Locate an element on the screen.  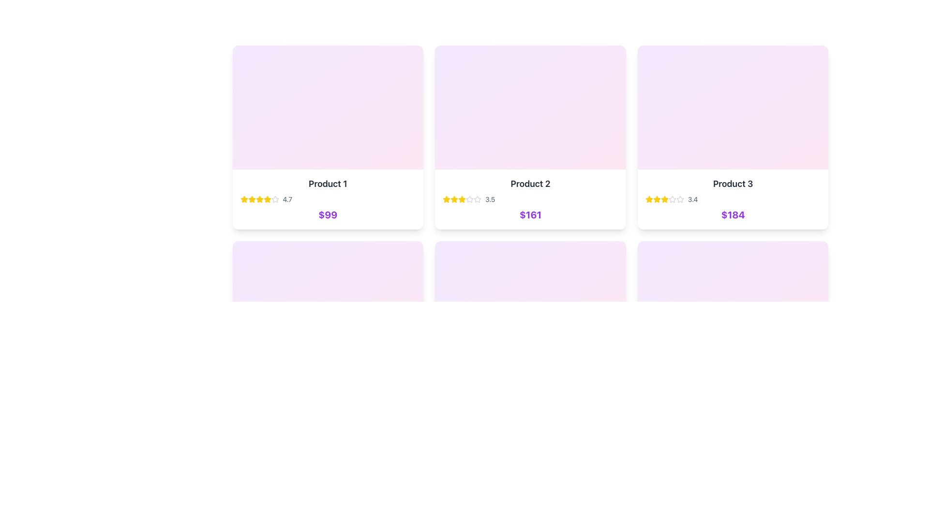
the second product Information card in a horizontal list of three cards, which contains a summary of the product including its name, rating, and price is located at coordinates (530, 199).